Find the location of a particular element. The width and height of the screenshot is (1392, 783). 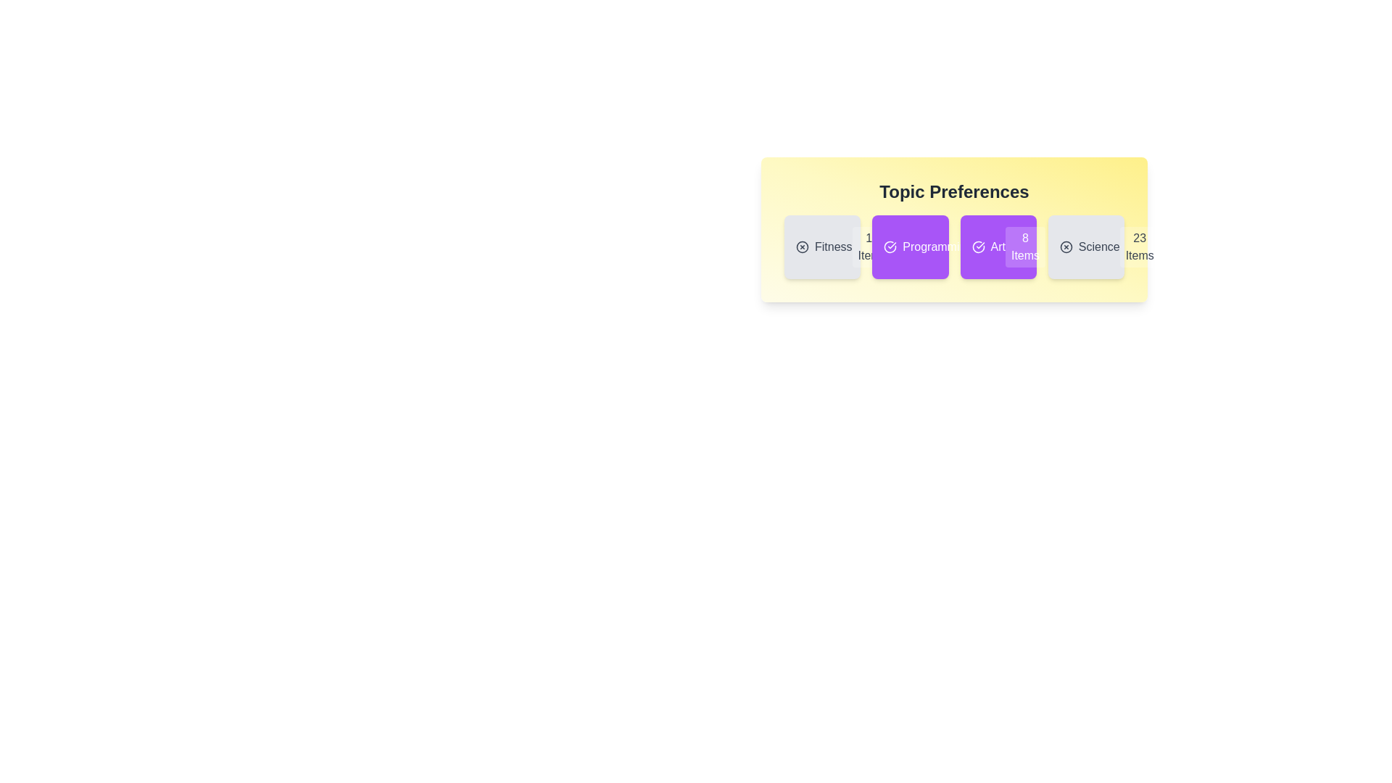

the topic card labeled 'Programming' to toggle its selection state is located at coordinates (909, 246).